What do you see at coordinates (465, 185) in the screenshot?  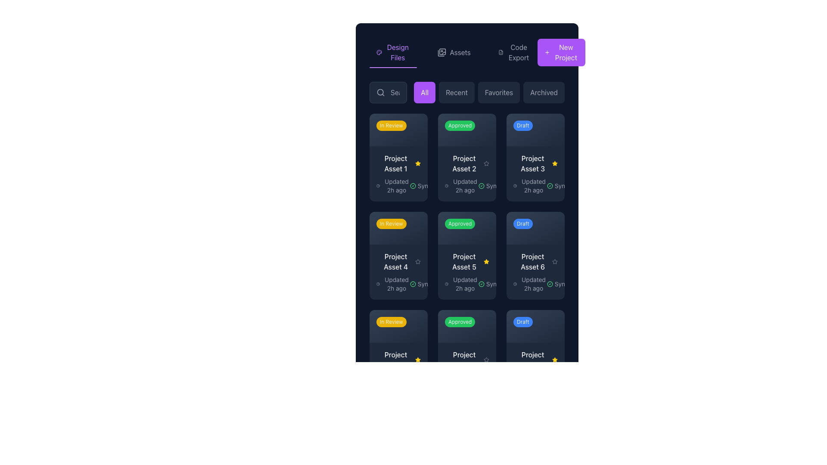 I see `the static text label displaying 'Updated 2h ago' within the 'Project Asset 2' card in the second column of the grid layout` at bounding box center [465, 185].